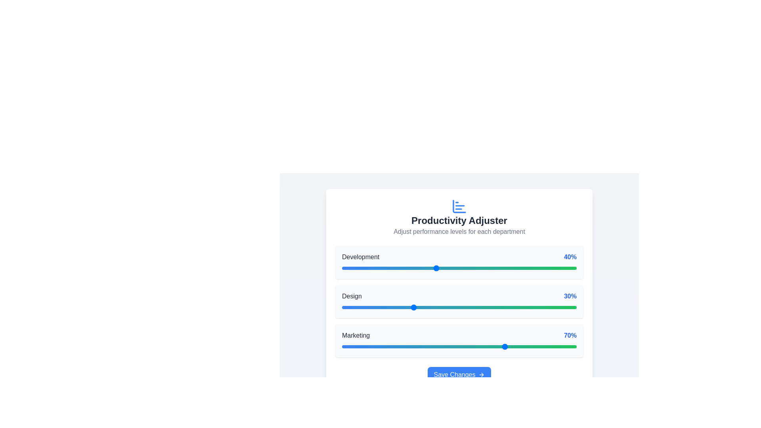  What do you see at coordinates (459, 374) in the screenshot?
I see `the submission button located centrally below the sliders for 'Development', 'Design', and 'Marketing'` at bounding box center [459, 374].